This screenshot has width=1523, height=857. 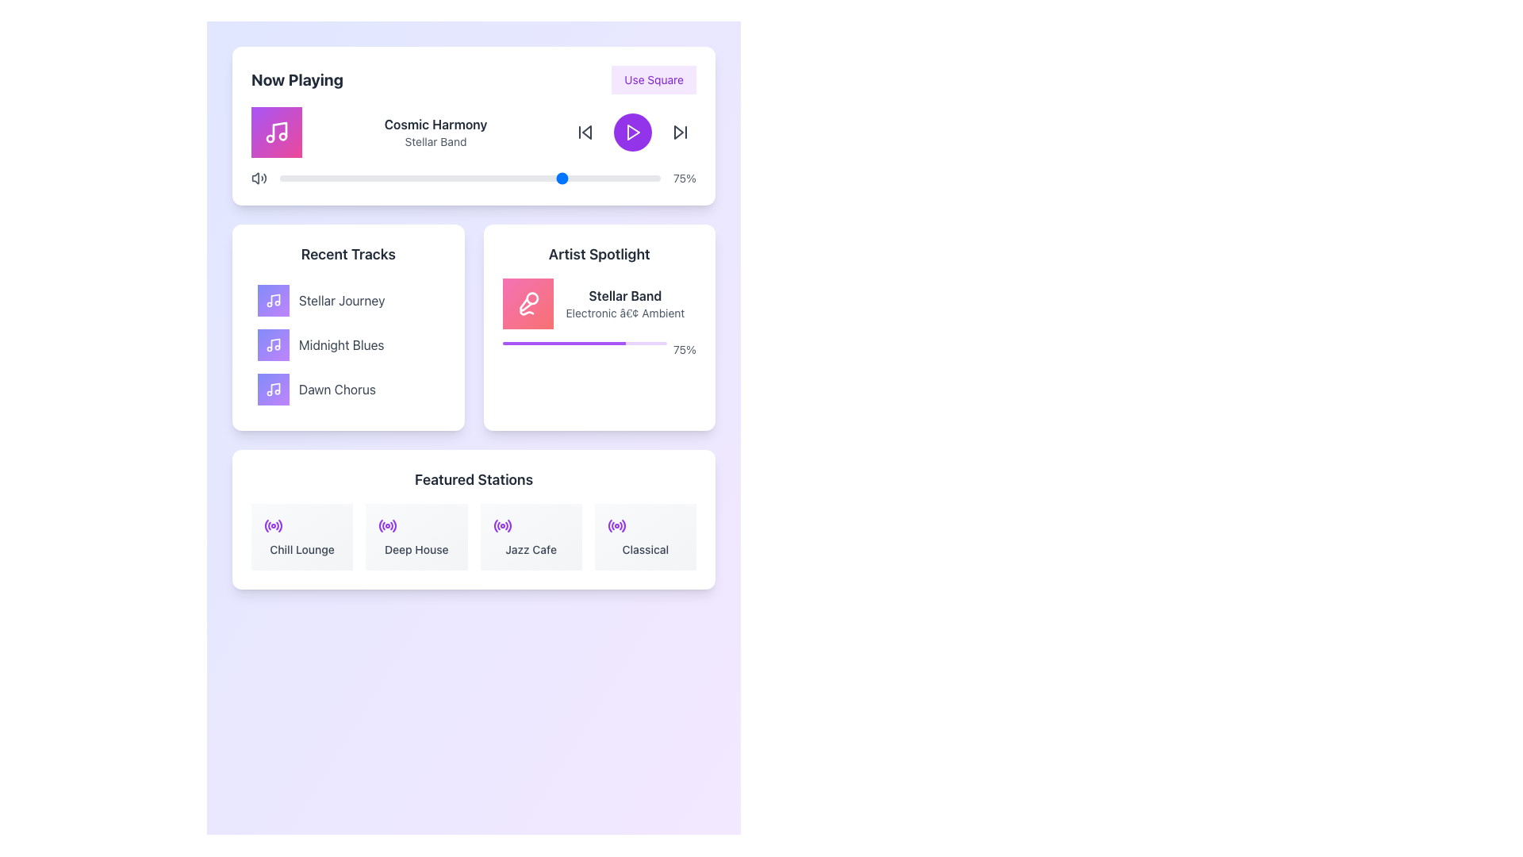 What do you see at coordinates (517, 342) in the screenshot?
I see `progress` at bounding box center [517, 342].